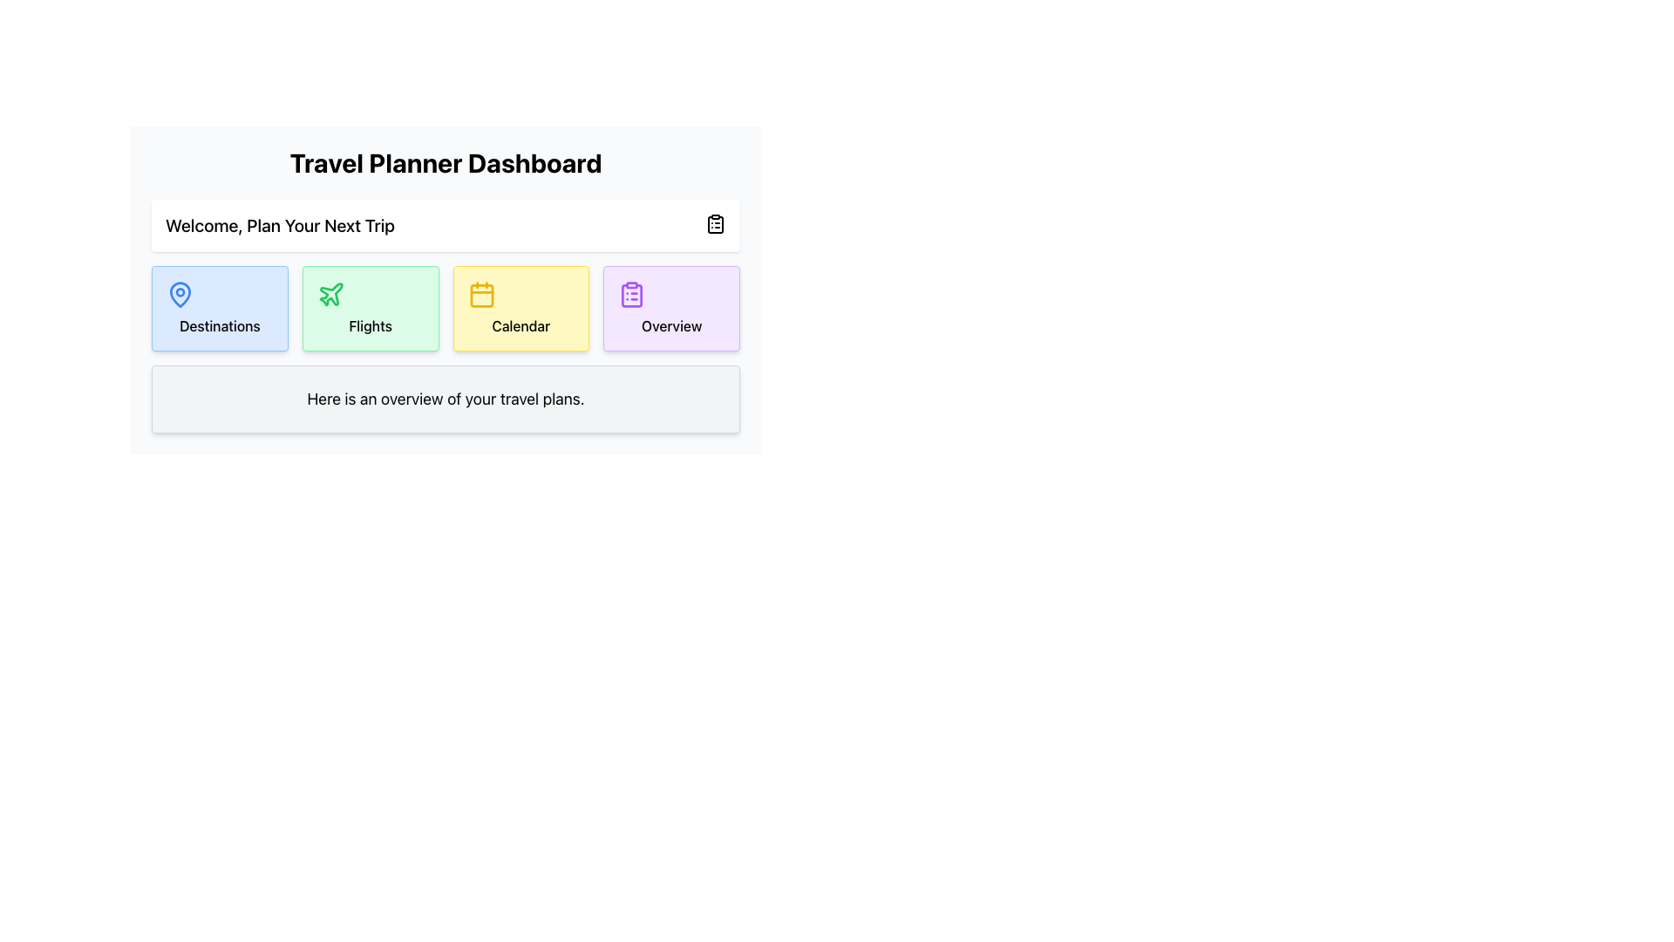 The image size is (1674, 942). What do you see at coordinates (481, 294) in the screenshot?
I see `the 'Calendar' icon located in the third column of the navigation options row` at bounding box center [481, 294].